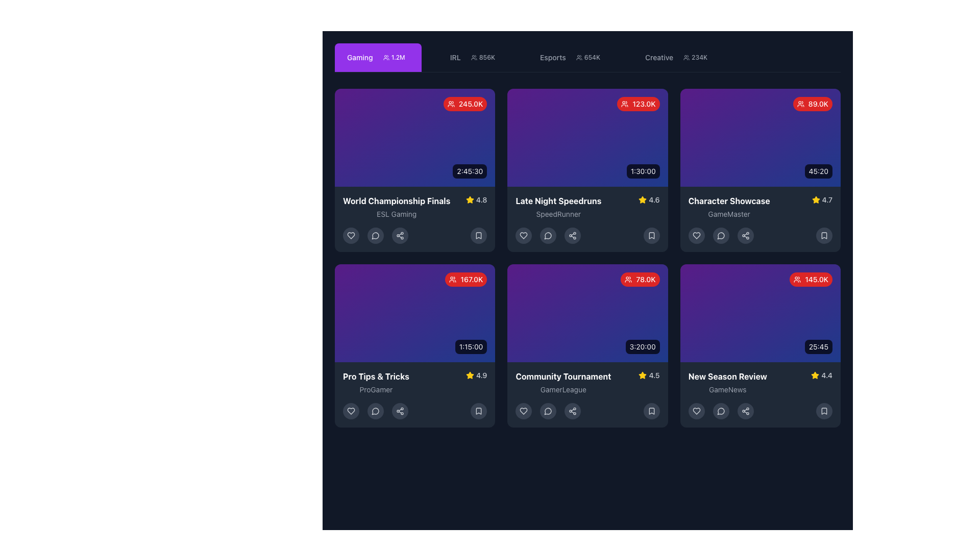  Describe the element at coordinates (465, 279) in the screenshot. I see `numeric value '167.0K' displayed on the compact, rounded badge with a red background and white text, located in the top-right corner of the 'Pro Tips & Tricks' card` at that location.